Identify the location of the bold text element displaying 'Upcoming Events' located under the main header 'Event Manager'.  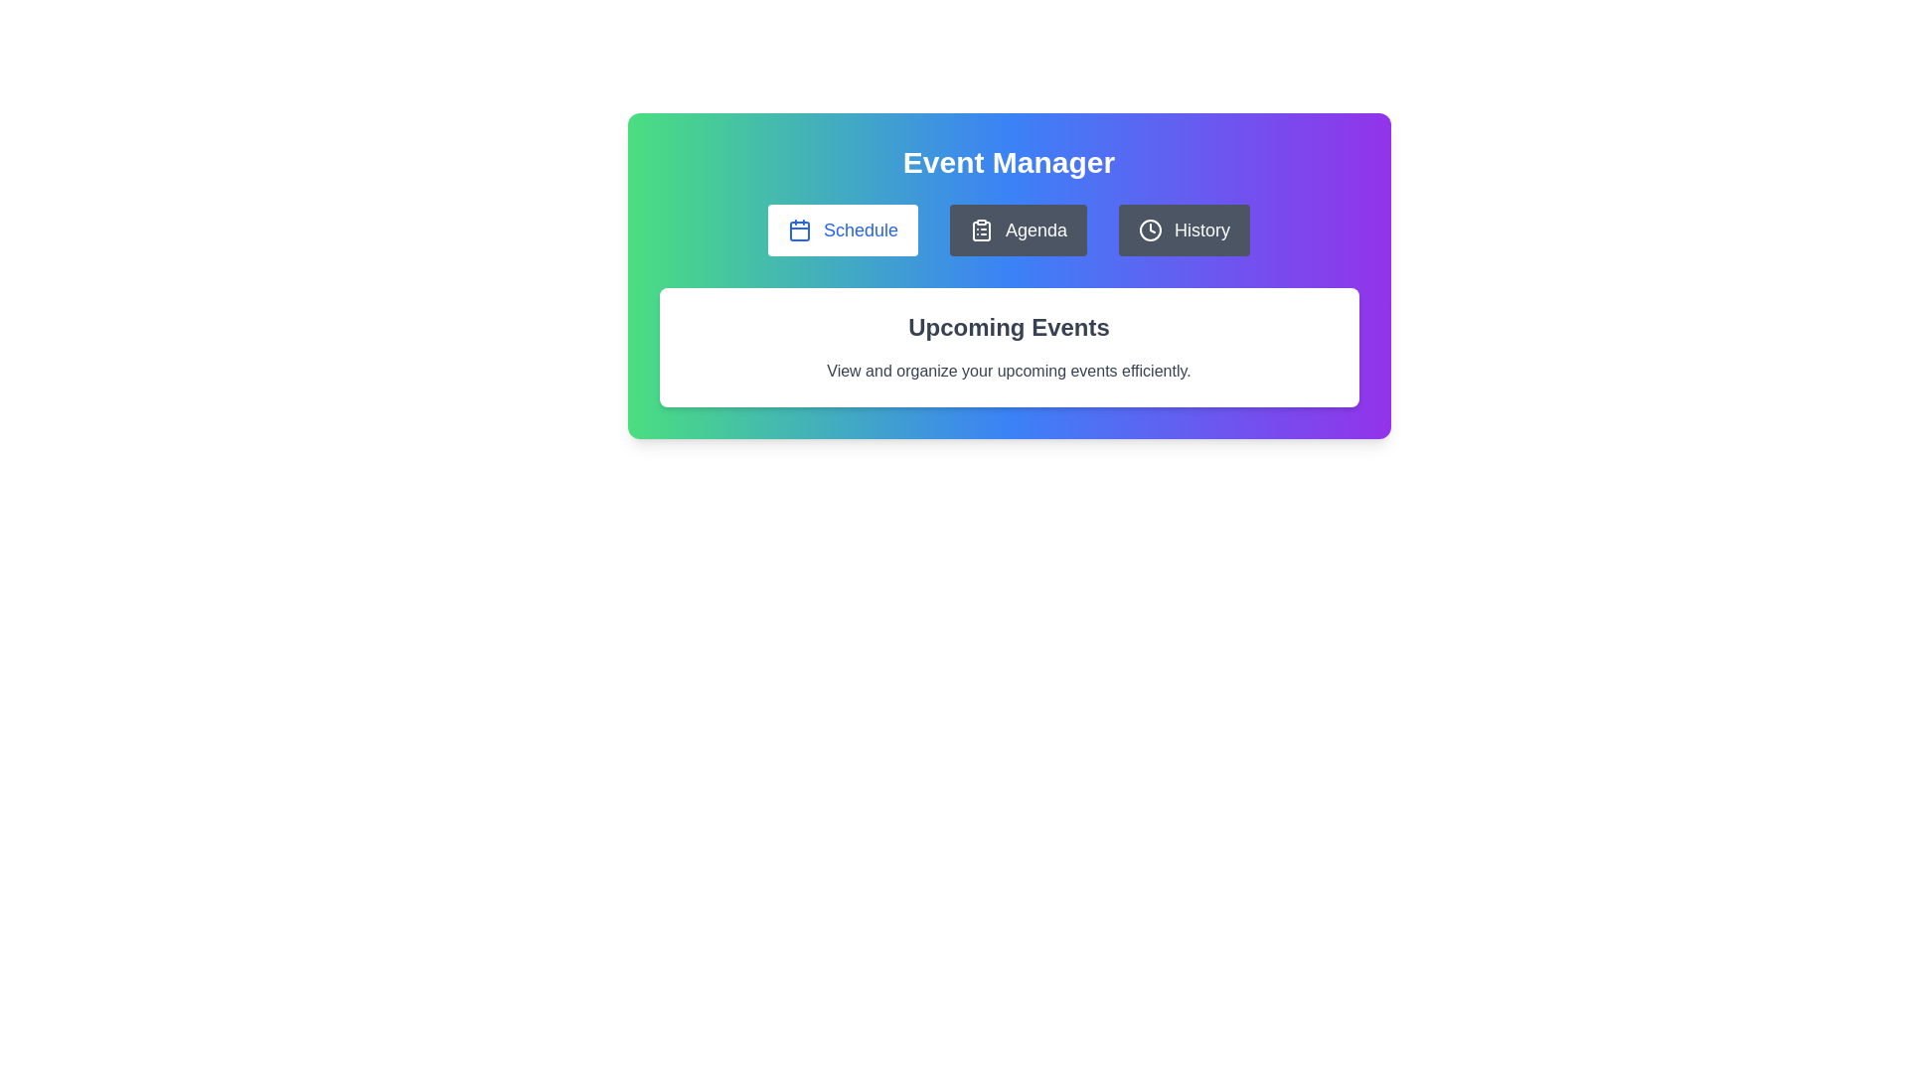
(1009, 327).